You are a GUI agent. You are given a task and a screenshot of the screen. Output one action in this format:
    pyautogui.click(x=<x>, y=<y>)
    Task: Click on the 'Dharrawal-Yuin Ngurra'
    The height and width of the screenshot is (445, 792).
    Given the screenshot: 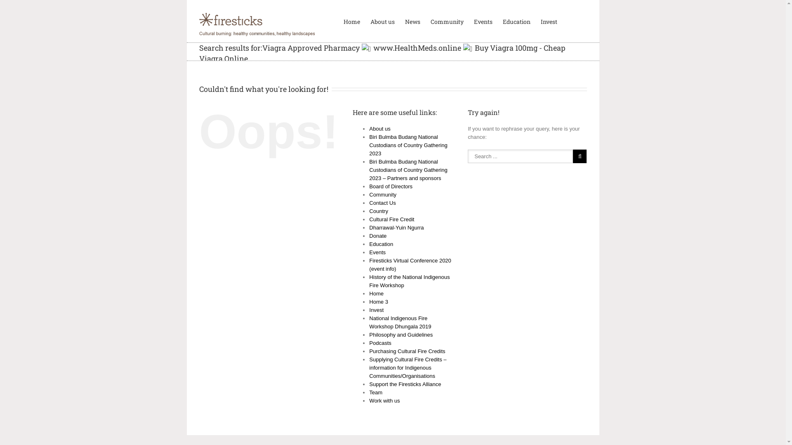 What is the action you would take?
    pyautogui.click(x=396, y=227)
    